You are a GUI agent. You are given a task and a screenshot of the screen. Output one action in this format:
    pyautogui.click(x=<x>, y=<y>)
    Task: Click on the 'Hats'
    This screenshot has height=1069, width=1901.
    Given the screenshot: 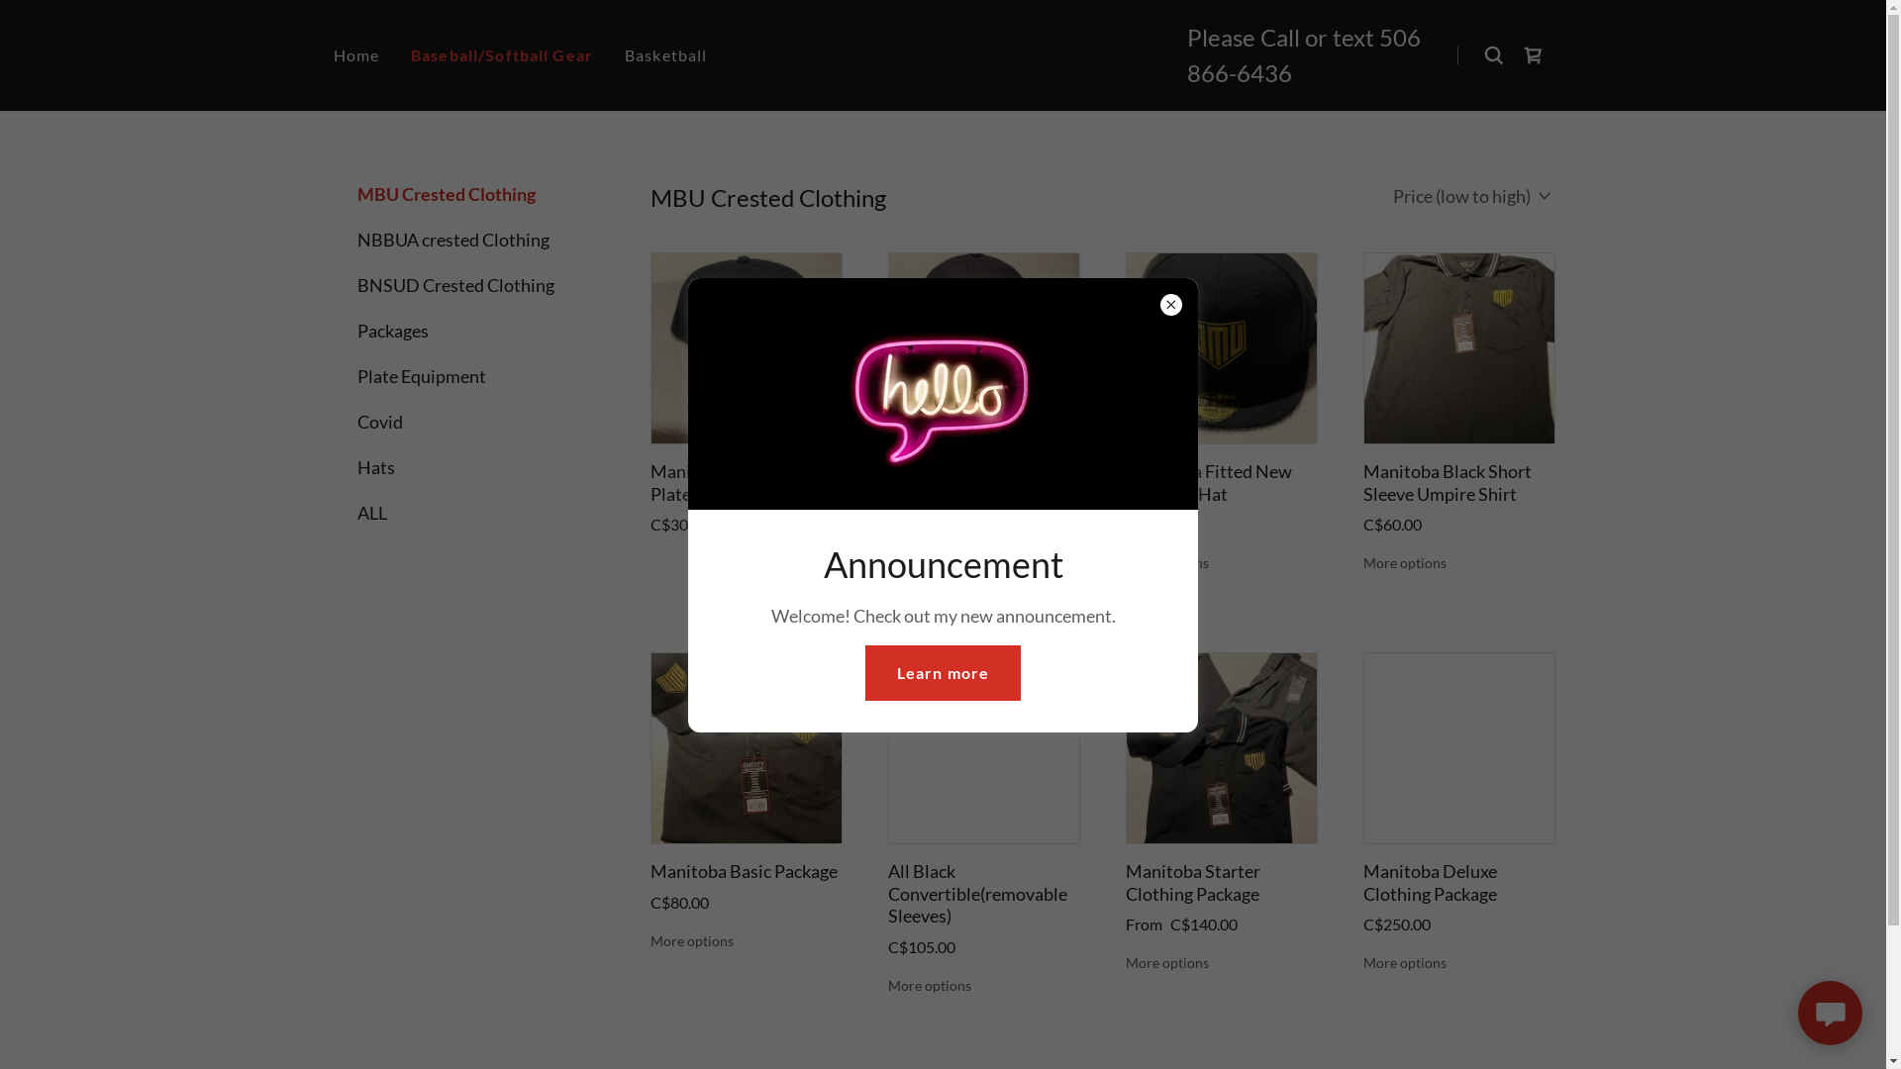 What is the action you would take?
    pyautogui.click(x=356, y=466)
    